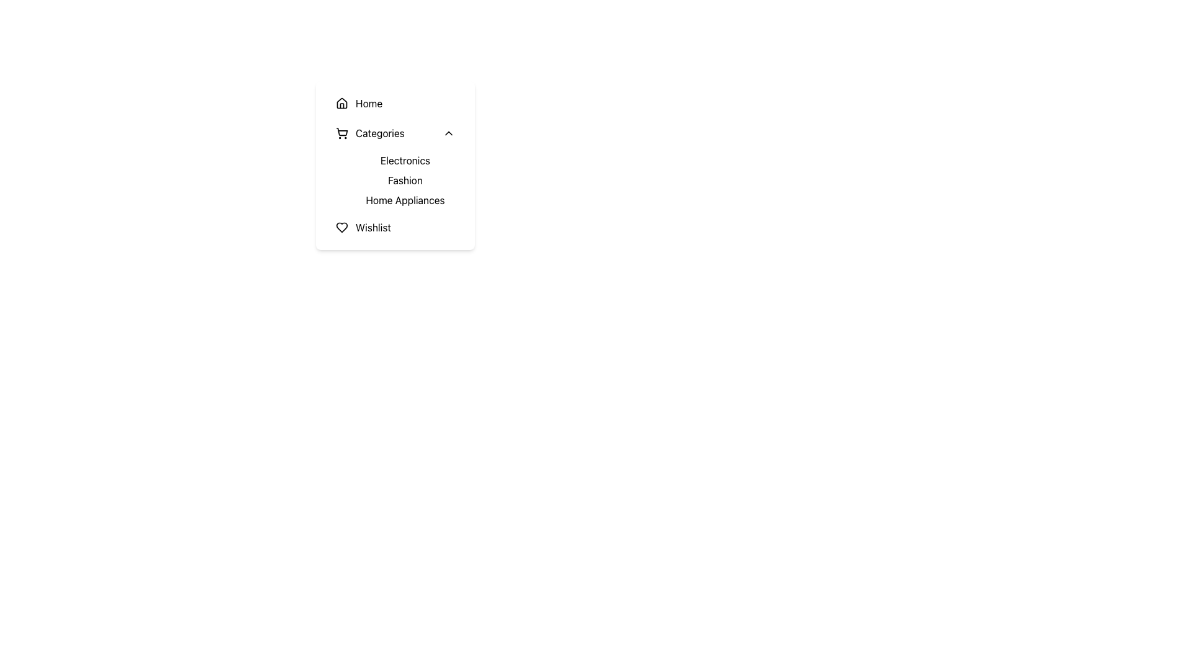 The image size is (1192, 670). Describe the element at coordinates (405, 180) in the screenshot. I see `the text-based clickable link that displays 'Fashion' located in the vertical menu under the 'Categories' section, positioned between 'Electronics' and 'Home Appliances'` at that location.